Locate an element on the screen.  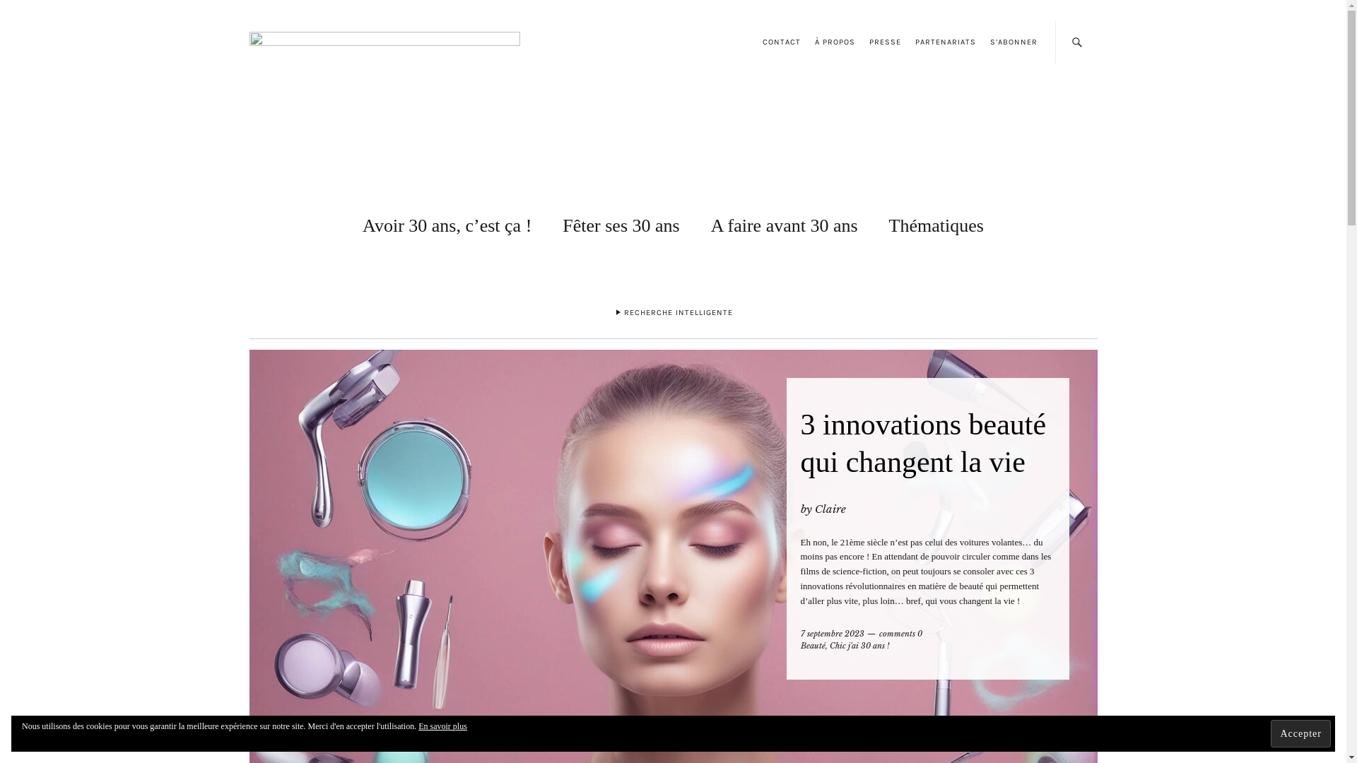
'PARTENARIATS' is located at coordinates (945, 41).